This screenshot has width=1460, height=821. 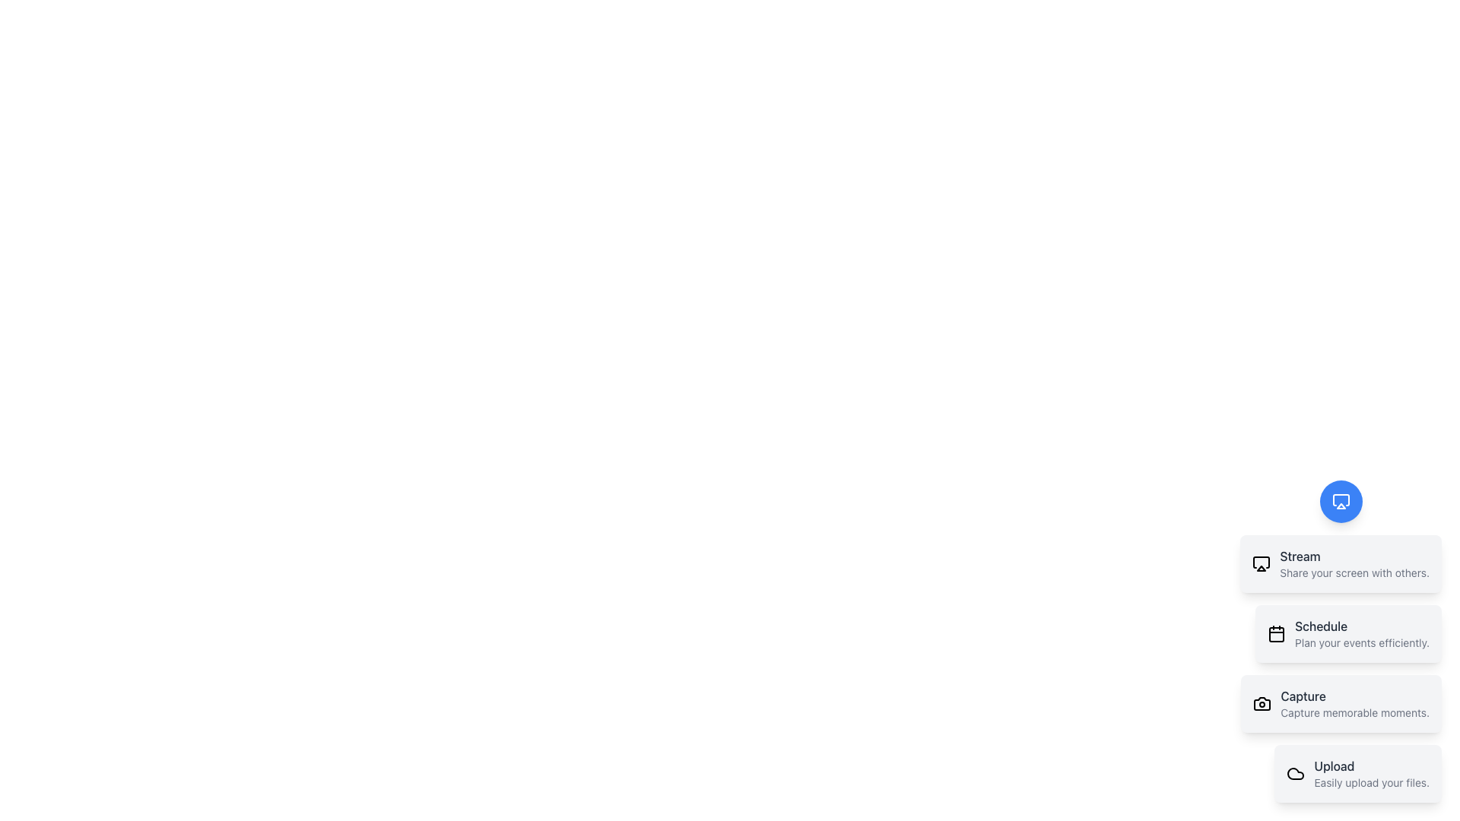 What do you see at coordinates (1362, 642) in the screenshot?
I see `the text component that displays the message 'Plan your events efficiently.' located below the 'Schedule' label` at bounding box center [1362, 642].